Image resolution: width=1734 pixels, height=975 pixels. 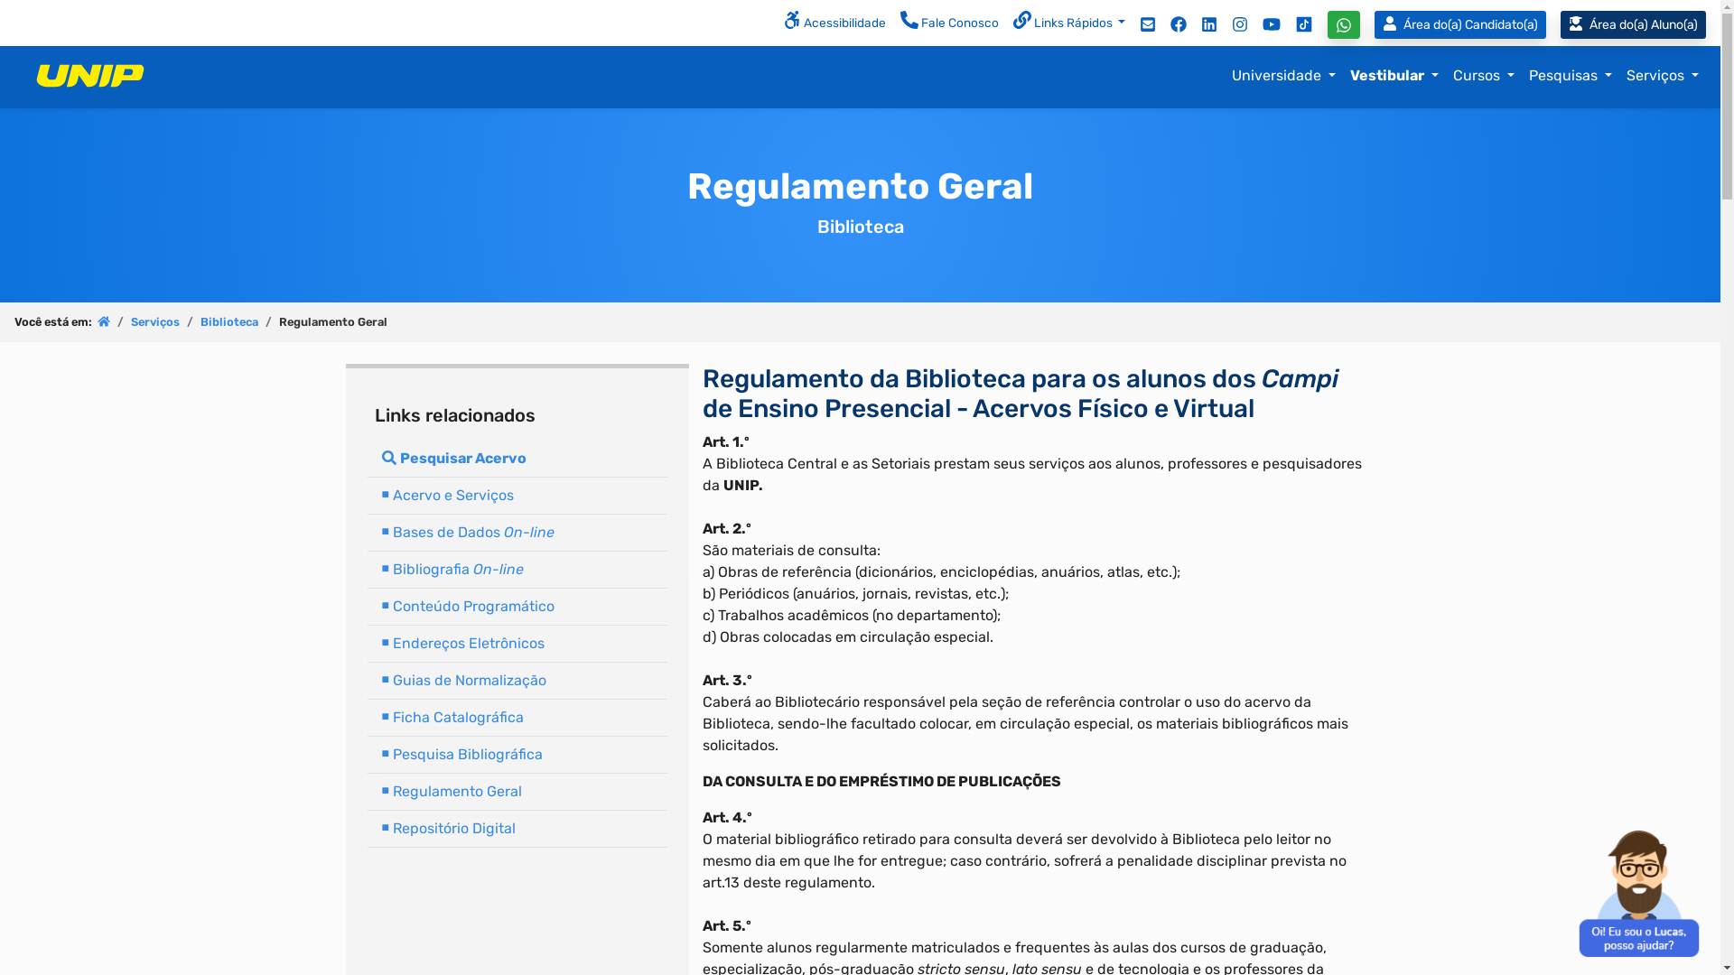 I want to click on 'Cursos', so click(x=1483, y=75).